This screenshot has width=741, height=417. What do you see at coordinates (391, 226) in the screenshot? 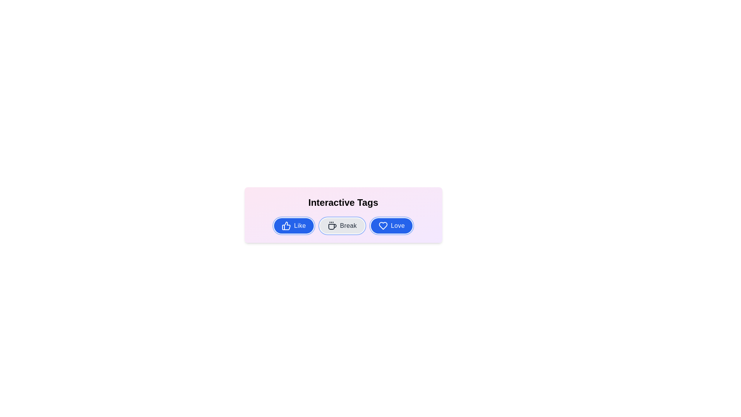
I see `the tag Love` at bounding box center [391, 226].